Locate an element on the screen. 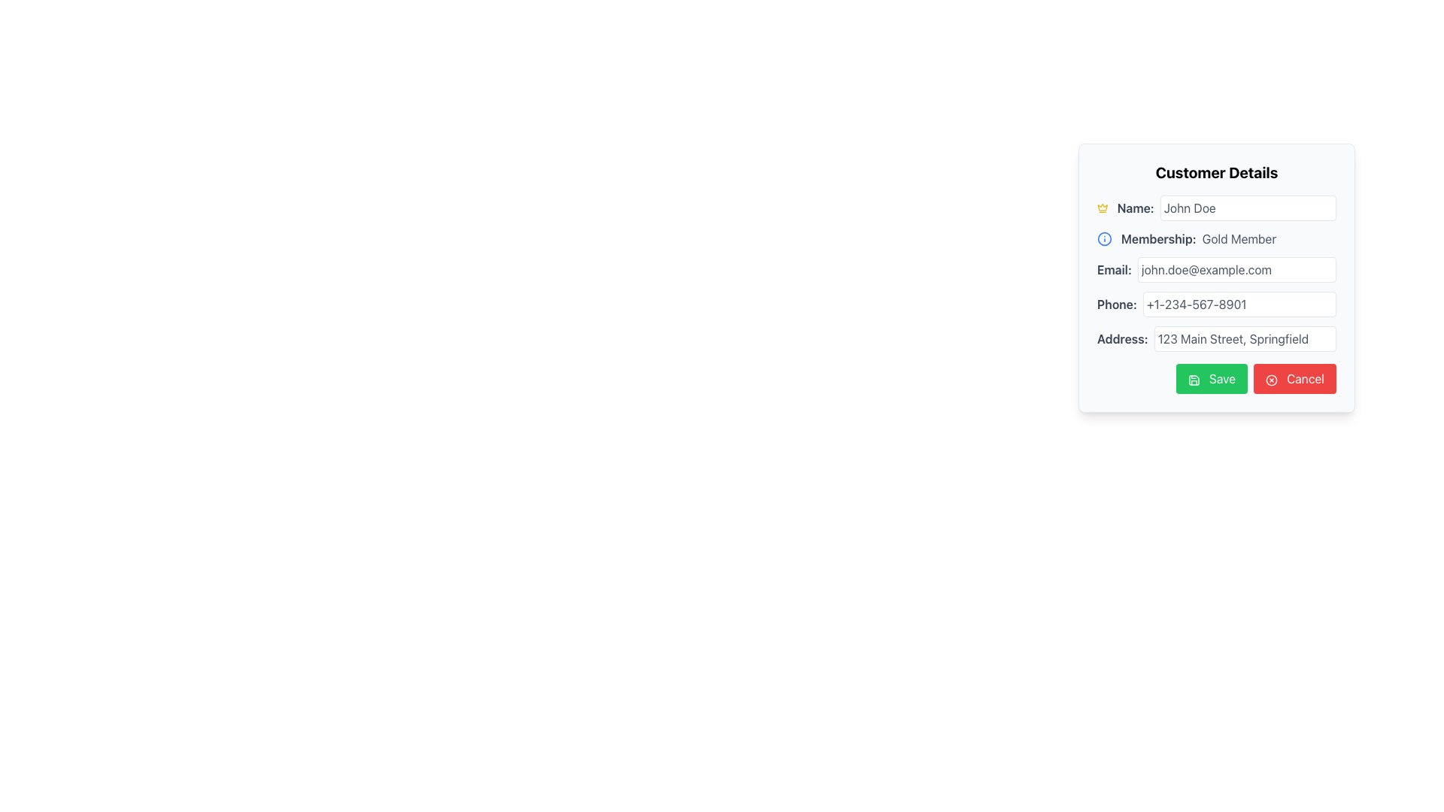 This screenshot has width=1444, height=812. the text label that reads 'Email:', styled in bold and dark gray, located in the 'Customer Details' section, before the email input field is located at coordinates (1115, 268).